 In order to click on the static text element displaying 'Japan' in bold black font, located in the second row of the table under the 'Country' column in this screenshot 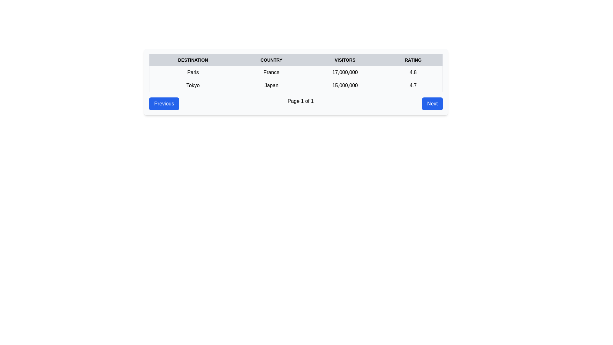, I will do `click(271, 85)`.